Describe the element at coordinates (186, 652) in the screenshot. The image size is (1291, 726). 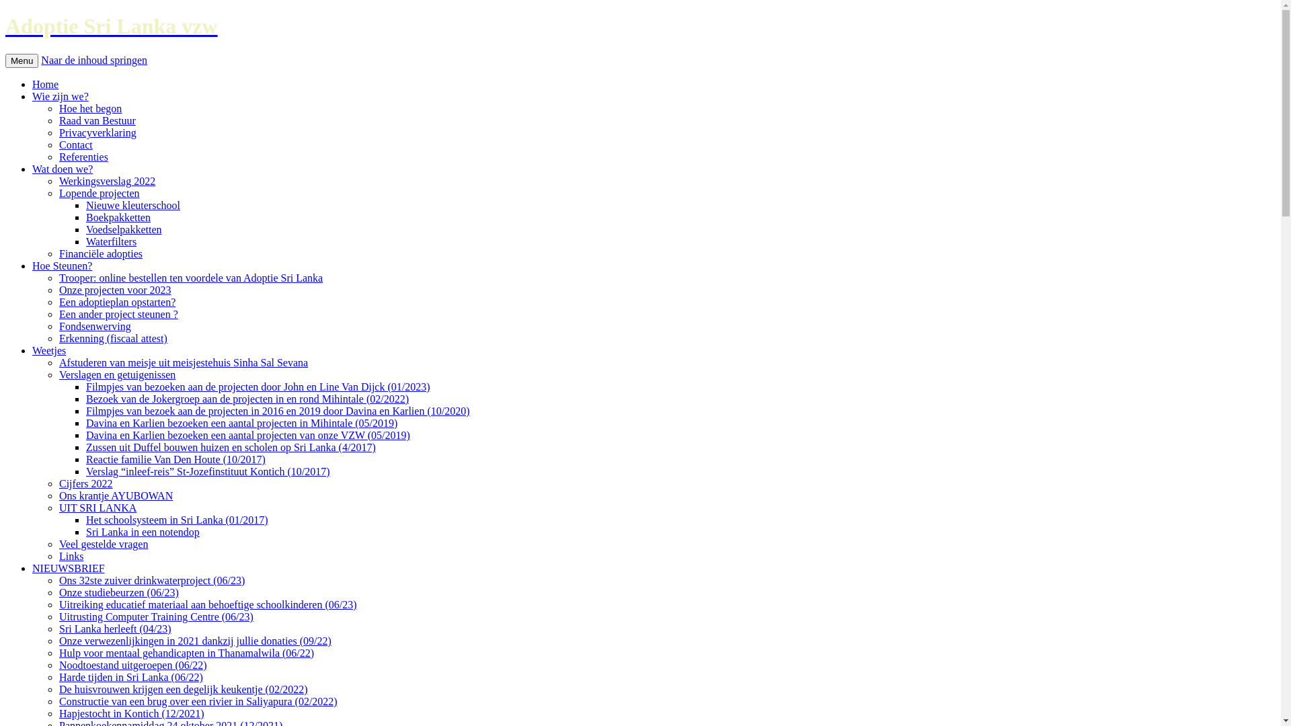
I see `'Hulp voor mentaal gehandicapten in Thanamalwila (06/22)'` at that location.